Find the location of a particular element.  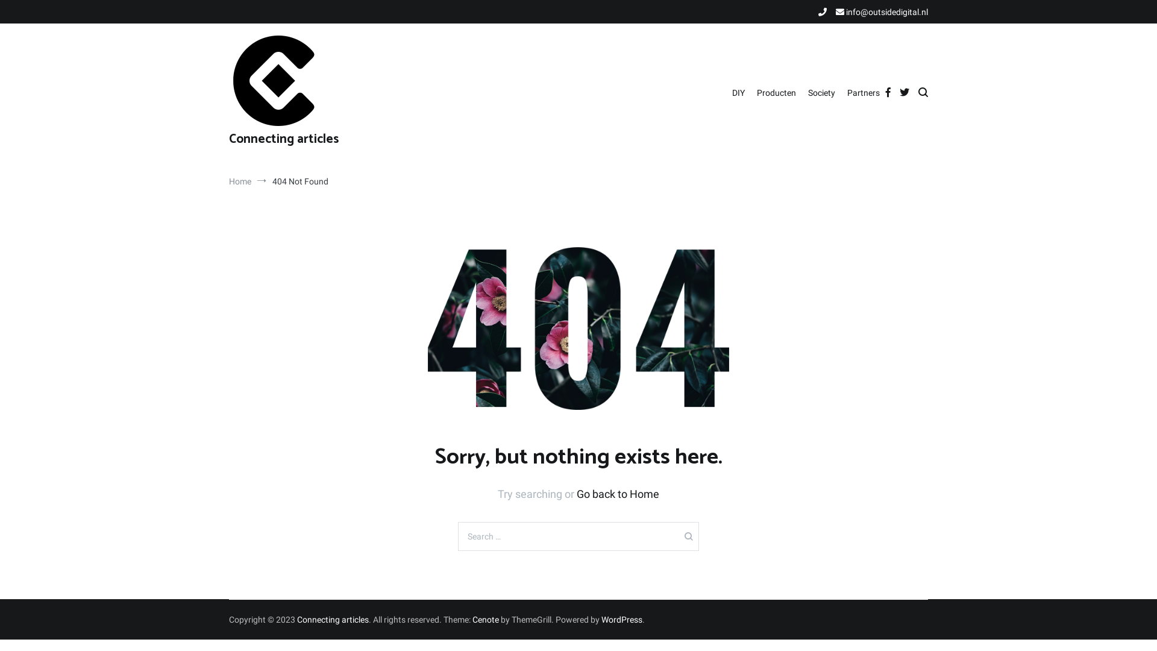

'WordPress' is located at coordinates (601, 620).